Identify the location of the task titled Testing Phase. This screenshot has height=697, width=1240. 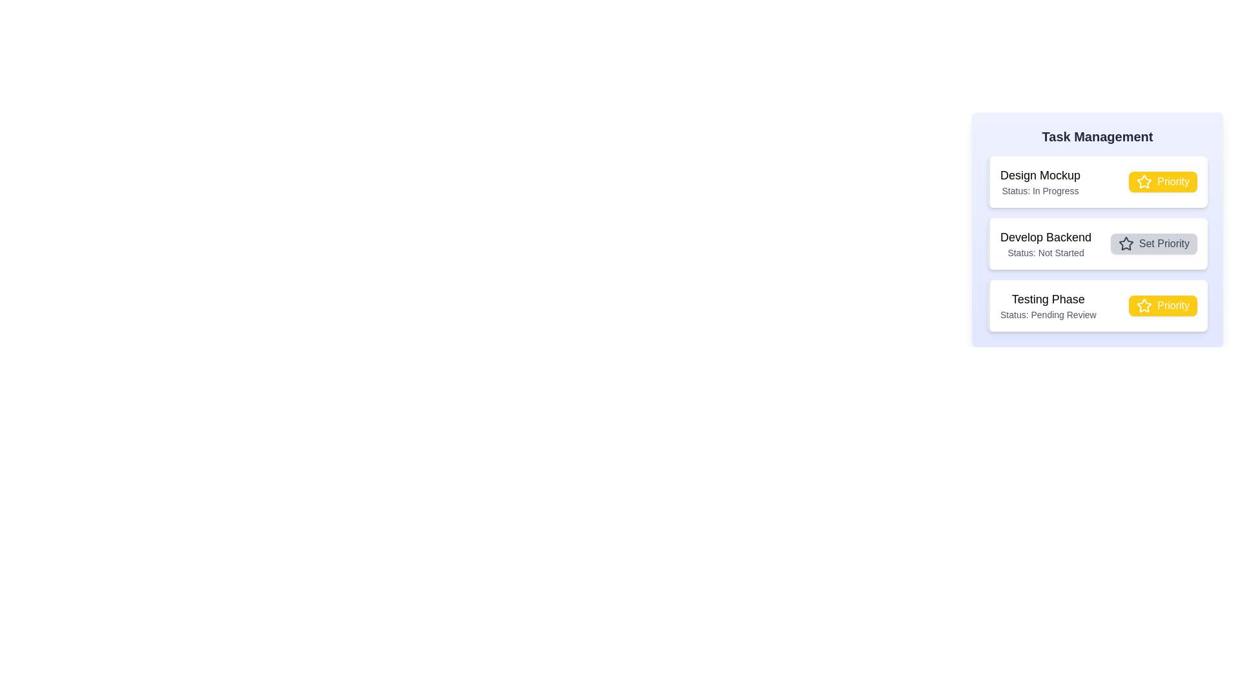
(1048, 299).